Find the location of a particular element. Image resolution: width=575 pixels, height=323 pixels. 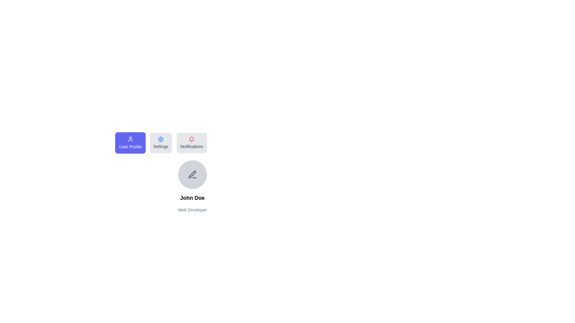

the medium-sized circular icon with a light gray background and a dark gray pencil symbol, which is located directly above the text 'John Doe' and 'Web Developer' is located at coordinates (192, 174).